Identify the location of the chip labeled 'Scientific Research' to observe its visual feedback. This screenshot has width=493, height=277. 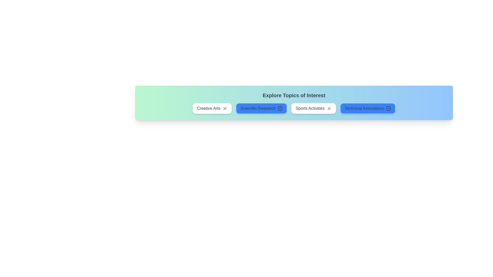
(261, 108).